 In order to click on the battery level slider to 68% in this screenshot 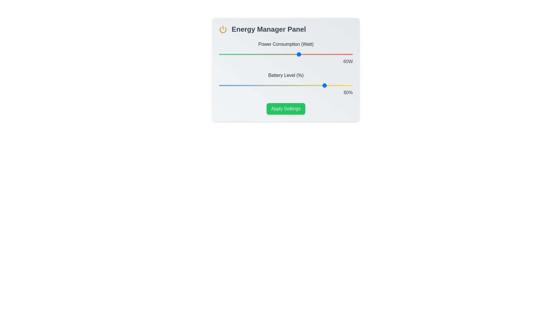, I will do `click(310, 86)`.